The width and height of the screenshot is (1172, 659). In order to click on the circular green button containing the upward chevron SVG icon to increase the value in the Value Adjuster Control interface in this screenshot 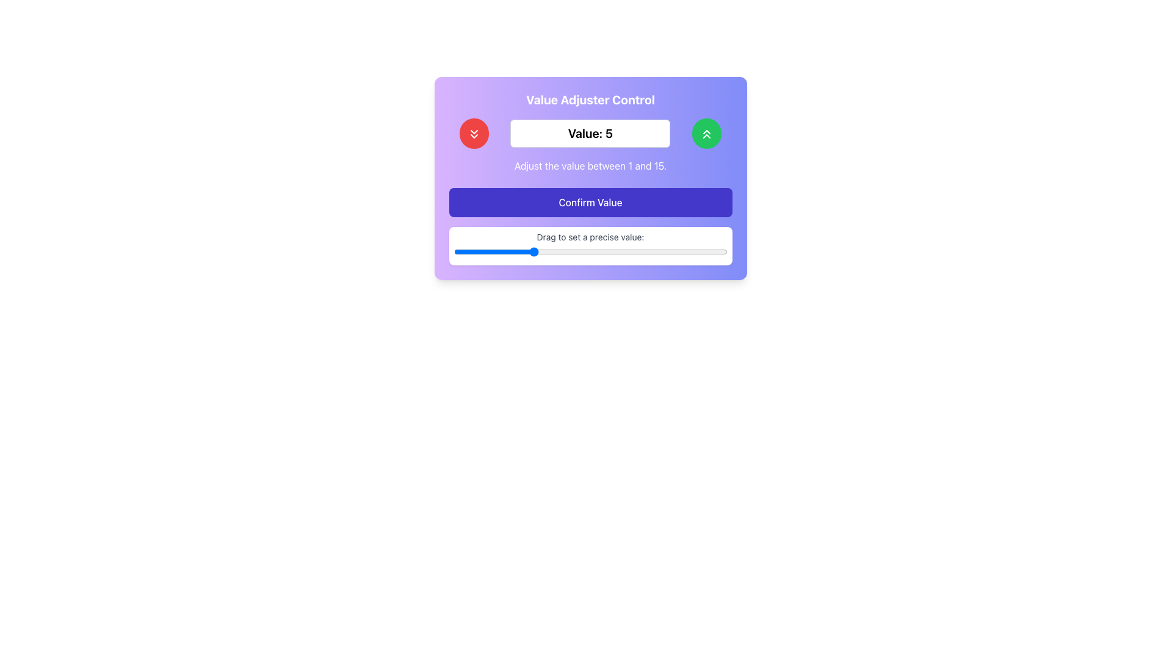, I will do `click(706, 134)`.